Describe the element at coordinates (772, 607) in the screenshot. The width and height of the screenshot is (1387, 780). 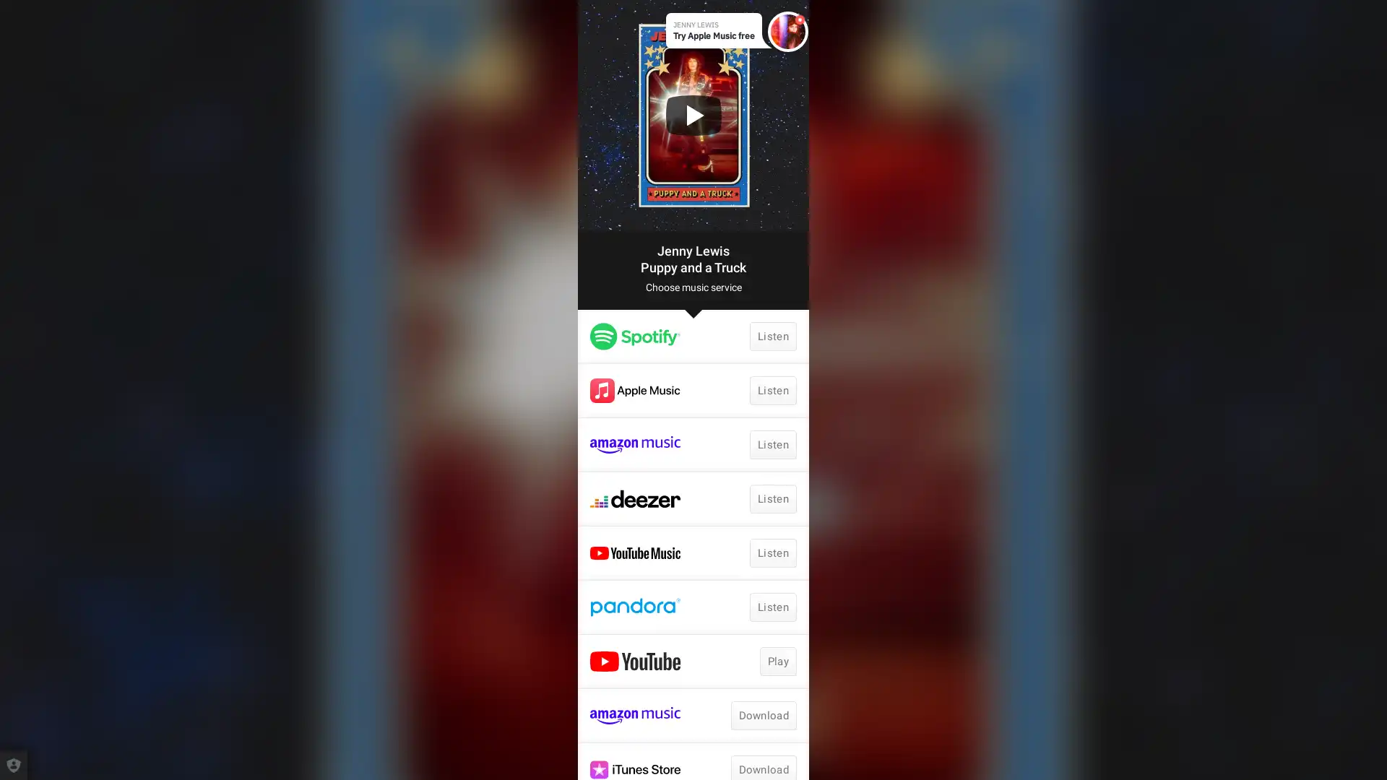
I see `Listen` at that location.